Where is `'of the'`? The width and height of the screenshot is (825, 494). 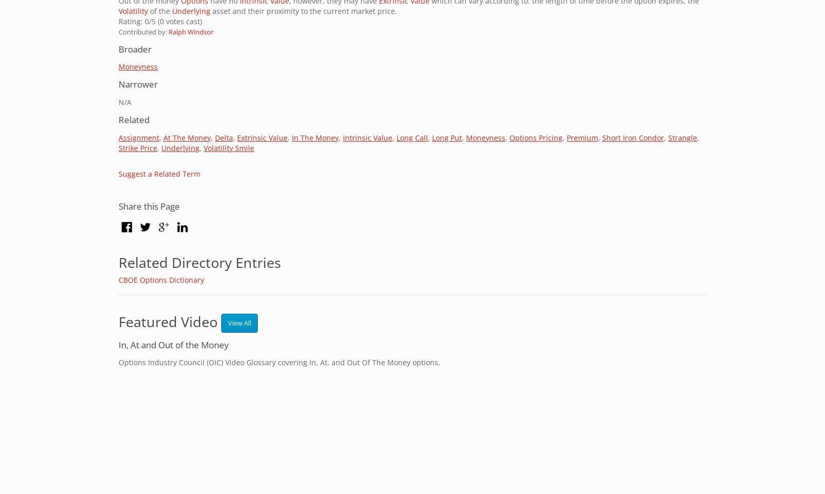
'of the' is located at coordinates (160, 10).